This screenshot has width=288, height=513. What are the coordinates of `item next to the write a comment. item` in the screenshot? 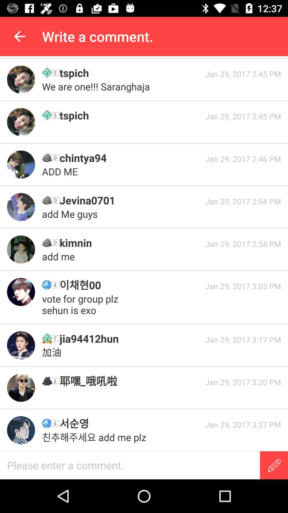 It's located at (19, 36).